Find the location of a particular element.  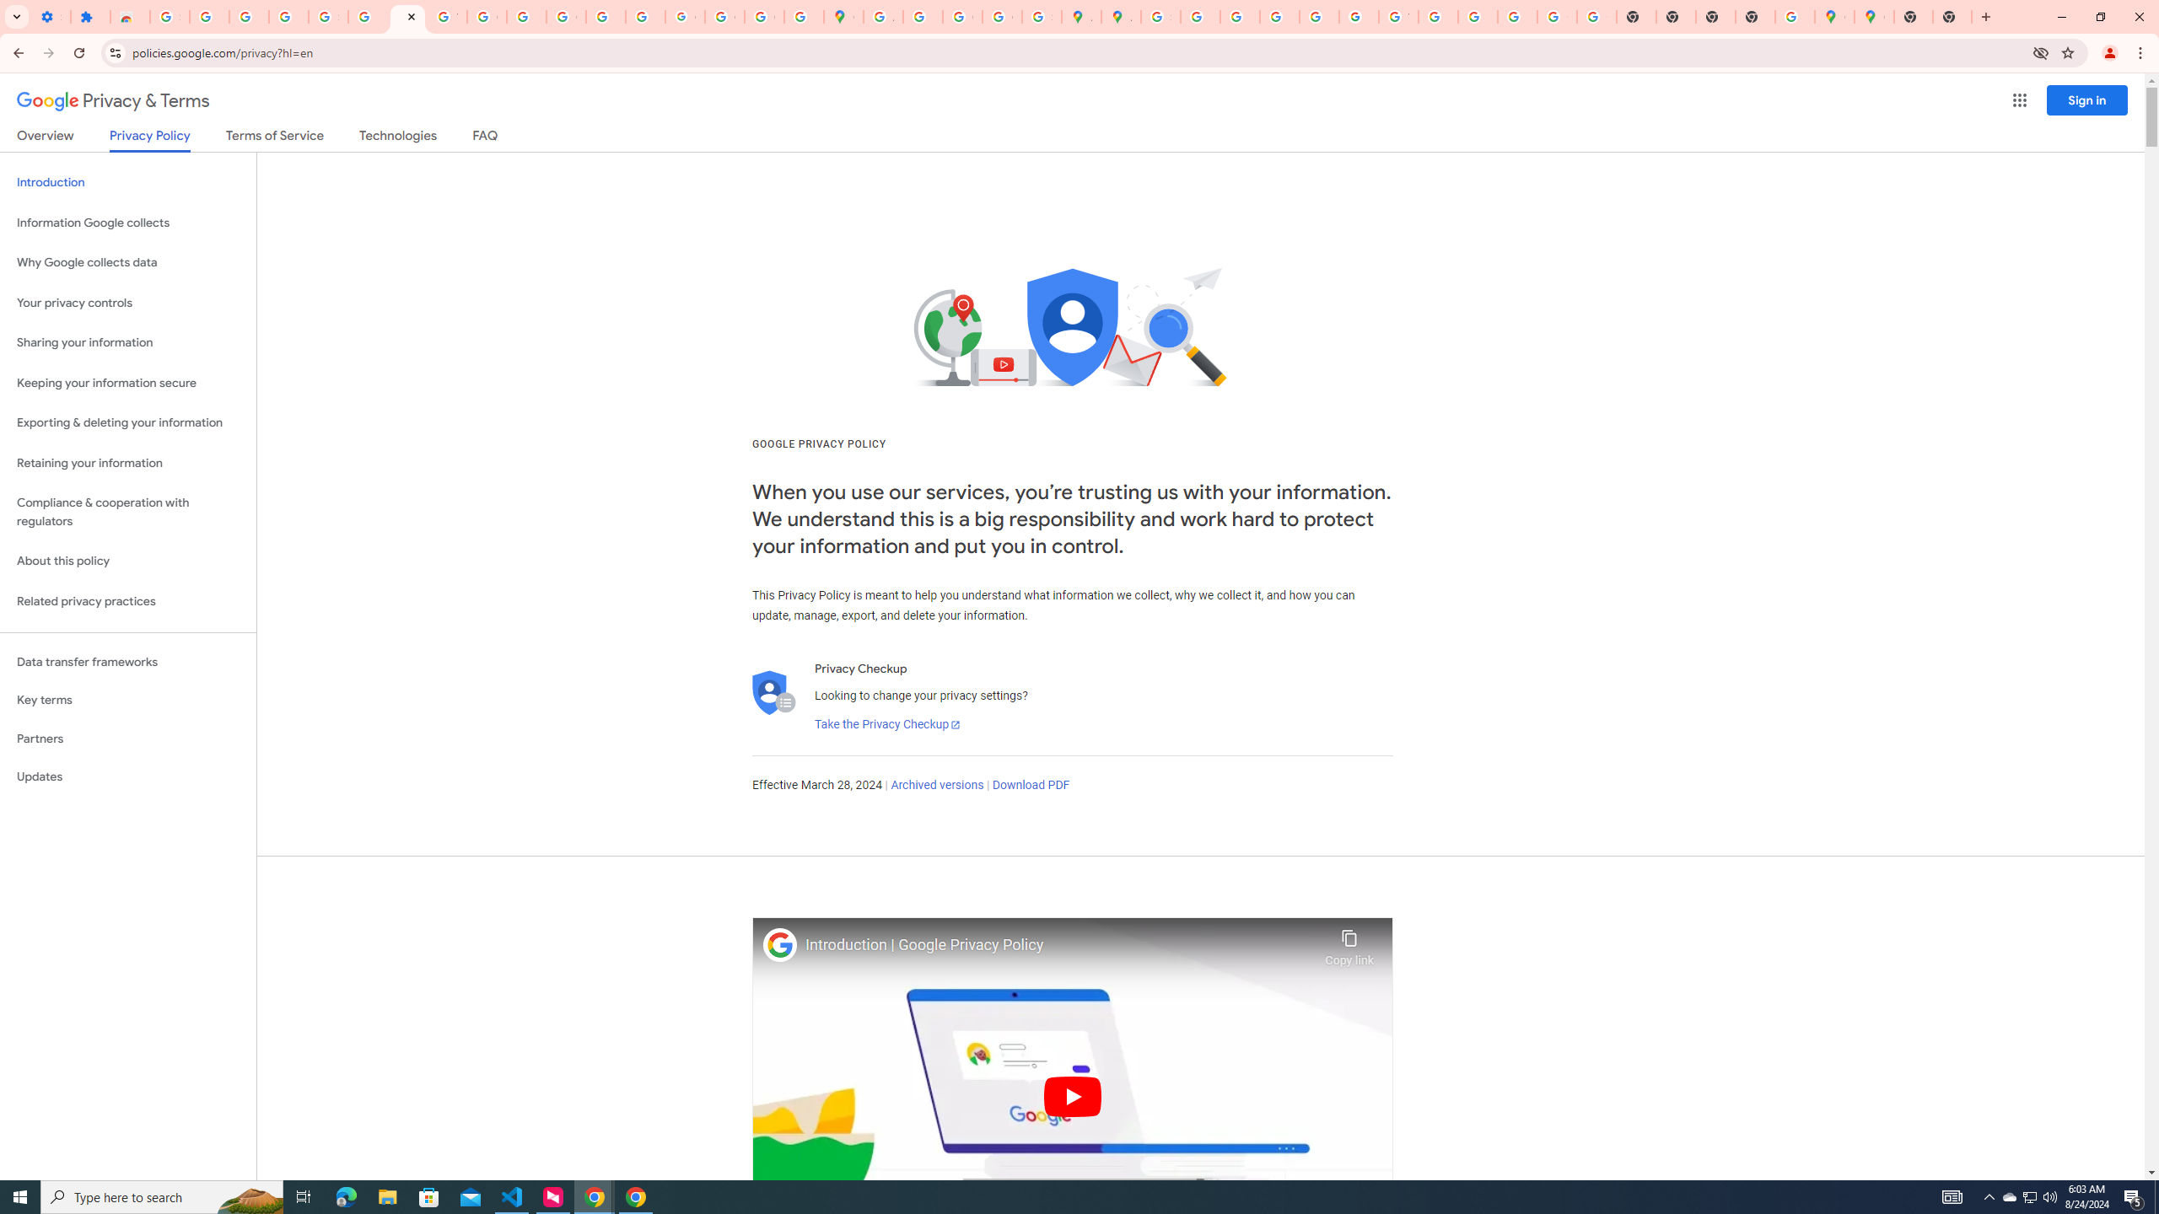

'Photo image of Google' is located at coordinates (780, 943).